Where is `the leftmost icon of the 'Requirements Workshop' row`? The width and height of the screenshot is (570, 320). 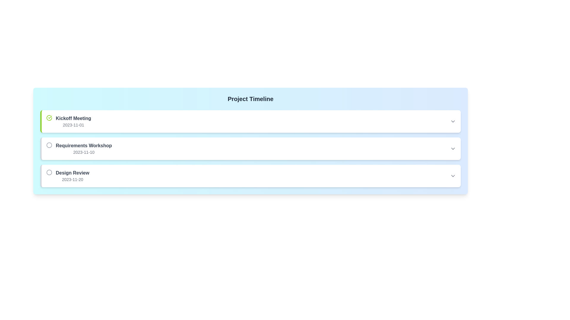 the leftmost icon of the 'Requirements Workshop' row is located at coordinates (49, 145).